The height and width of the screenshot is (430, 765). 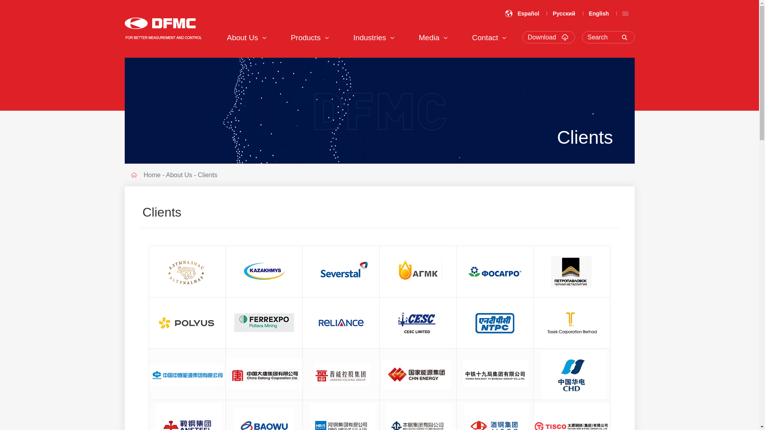 What do you see at coordinates (369, 37) in the screenshot?
I see `'Industries'` at bounding box center [369, 37].